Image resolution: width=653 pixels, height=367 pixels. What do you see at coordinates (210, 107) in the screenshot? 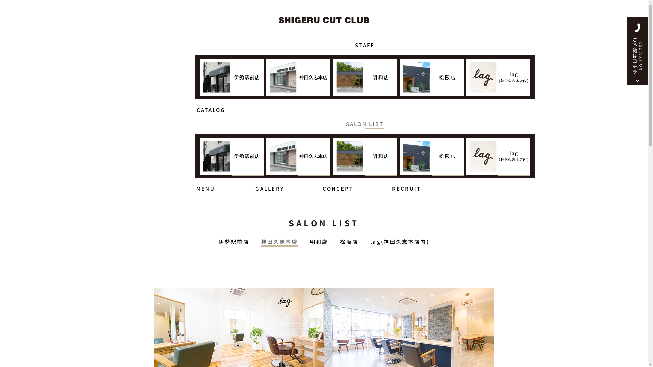
I see `'CATALOG'` at bounding box center [210, 107].